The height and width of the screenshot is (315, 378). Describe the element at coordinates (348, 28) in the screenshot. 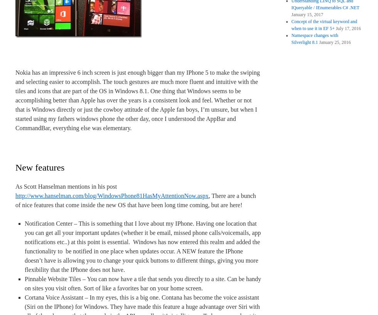

I see `'July 17, 2016'` at that location.